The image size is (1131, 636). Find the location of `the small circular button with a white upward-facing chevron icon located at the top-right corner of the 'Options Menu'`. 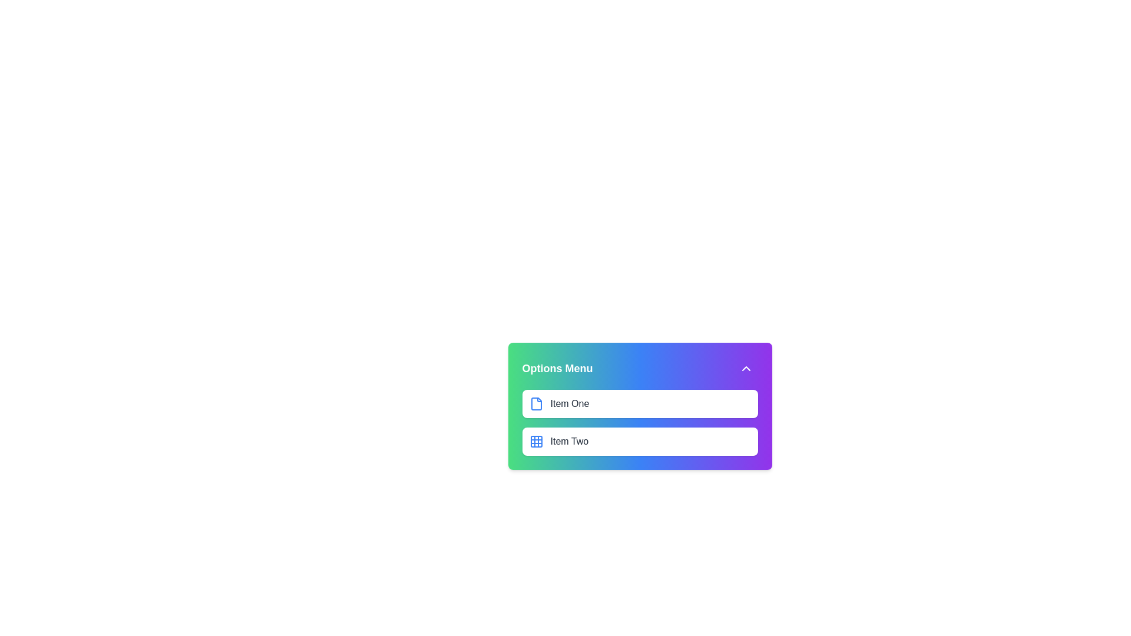

the small circular button with a white upward-facing chevron icon located at the top-right corner of the 'Options Menu' is located at coordinates (745, 367).